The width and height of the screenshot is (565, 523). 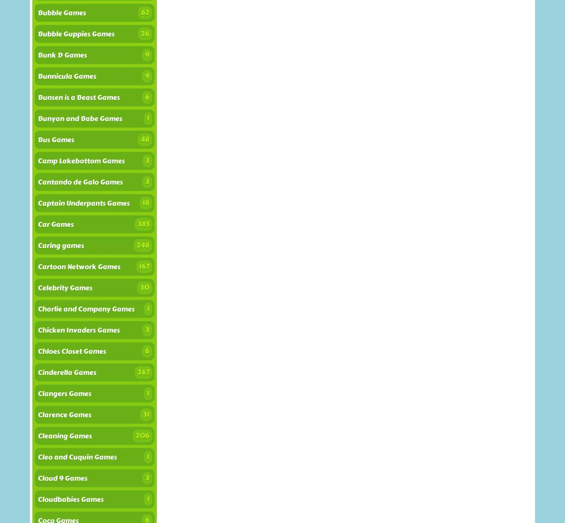 What do you see at coordinates (62, 478) in the screenshot?
I see `'Cloud 9 Games'` at bounding box center [62, 478].